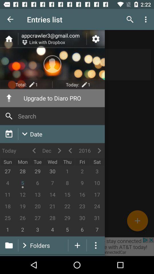  Describe the element at coordinates (52, 183) in the screenshot. I see `the number above 14` at that location.